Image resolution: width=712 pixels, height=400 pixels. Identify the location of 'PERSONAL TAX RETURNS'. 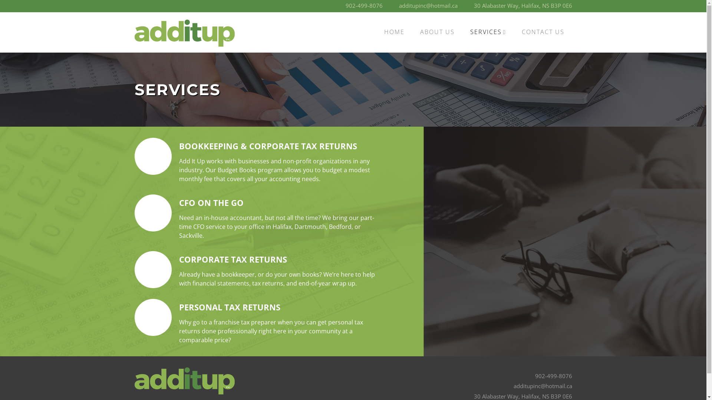
(229, 307).